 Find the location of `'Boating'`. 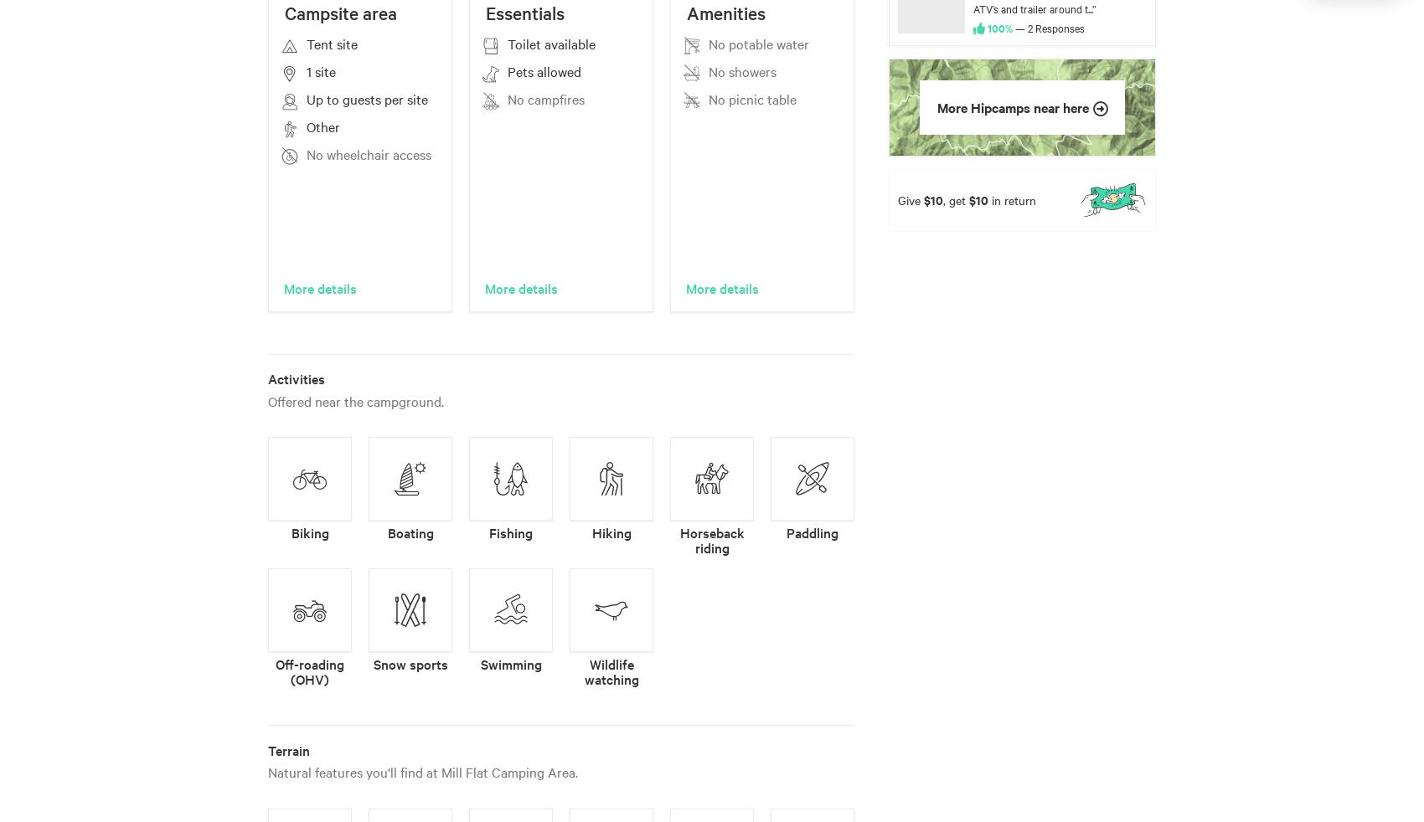

'Boating' is located at coordinates (387, 532).